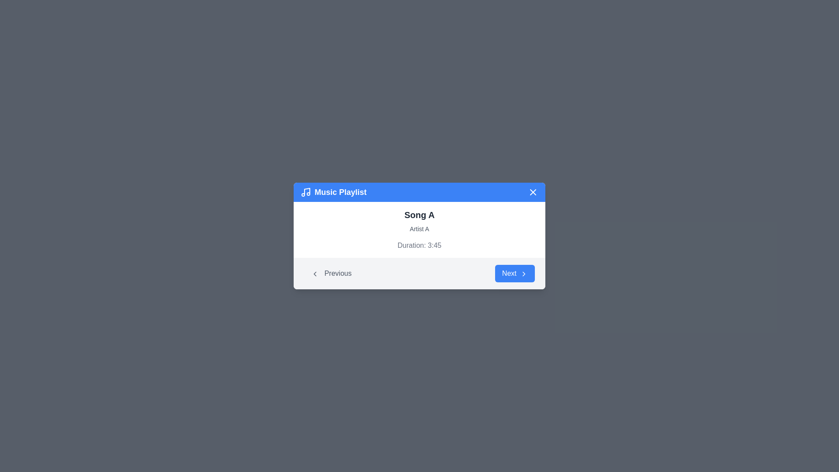 The width and height of the screenshot is (839, 472). I want to click on the Navigation controls buttons labeled 'Previous' and 'Next', so click(419, 273).